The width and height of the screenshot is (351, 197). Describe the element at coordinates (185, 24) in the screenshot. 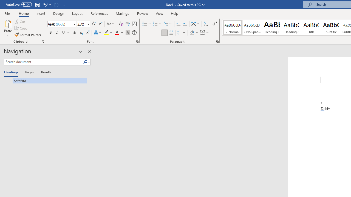

I see `'Increase Indent'` at that location.